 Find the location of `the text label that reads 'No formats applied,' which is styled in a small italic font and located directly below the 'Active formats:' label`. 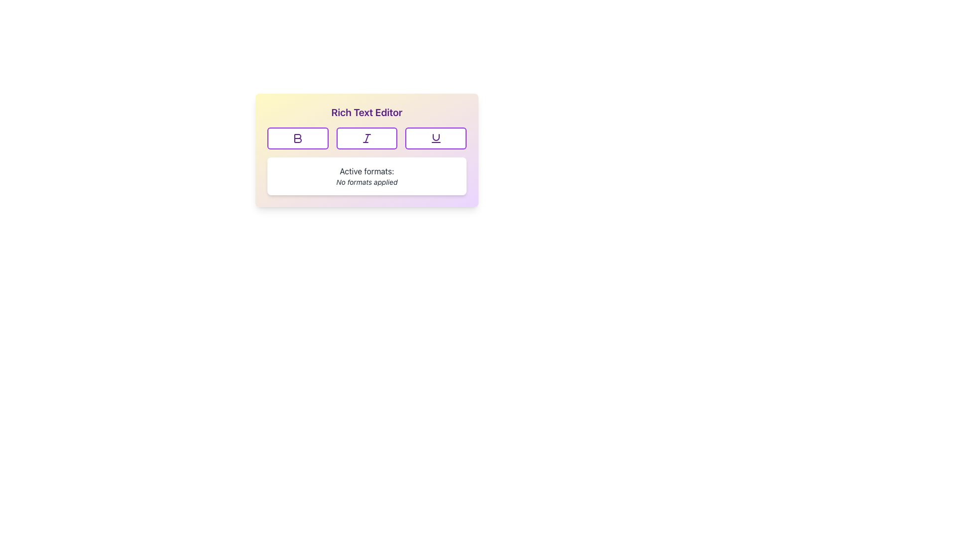

the text label that reads 'No formats applied,' which is styled in a small italic font and located directly below the 'Active formats:' label is located at coordinates (366, 182).